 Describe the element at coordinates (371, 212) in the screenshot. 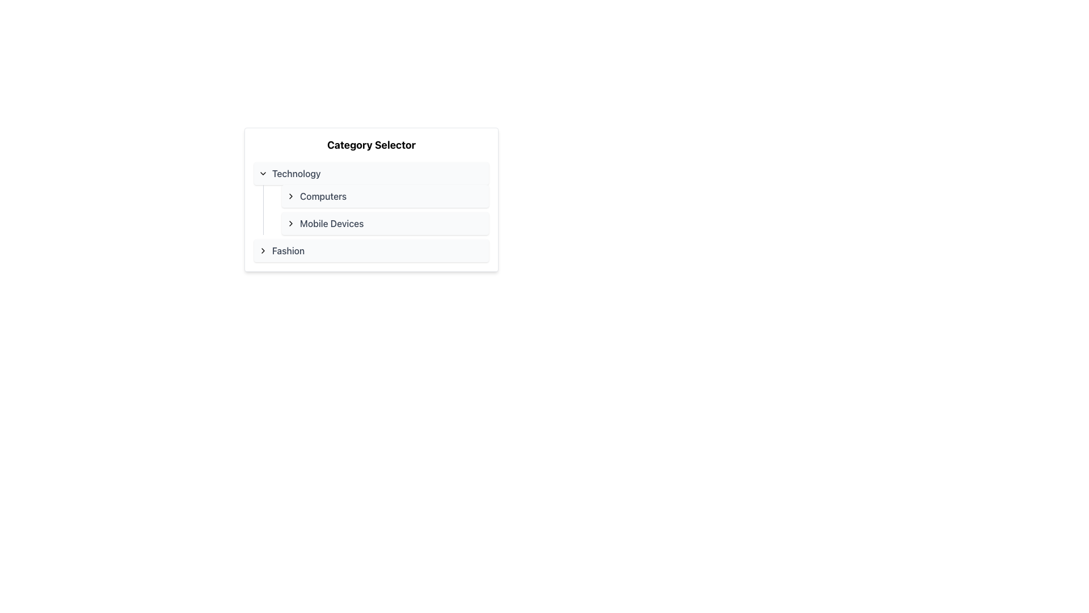

I see `the 'Mobile Devices' list item within the collapsible/expandable list in the 'Technology' section` at that location.